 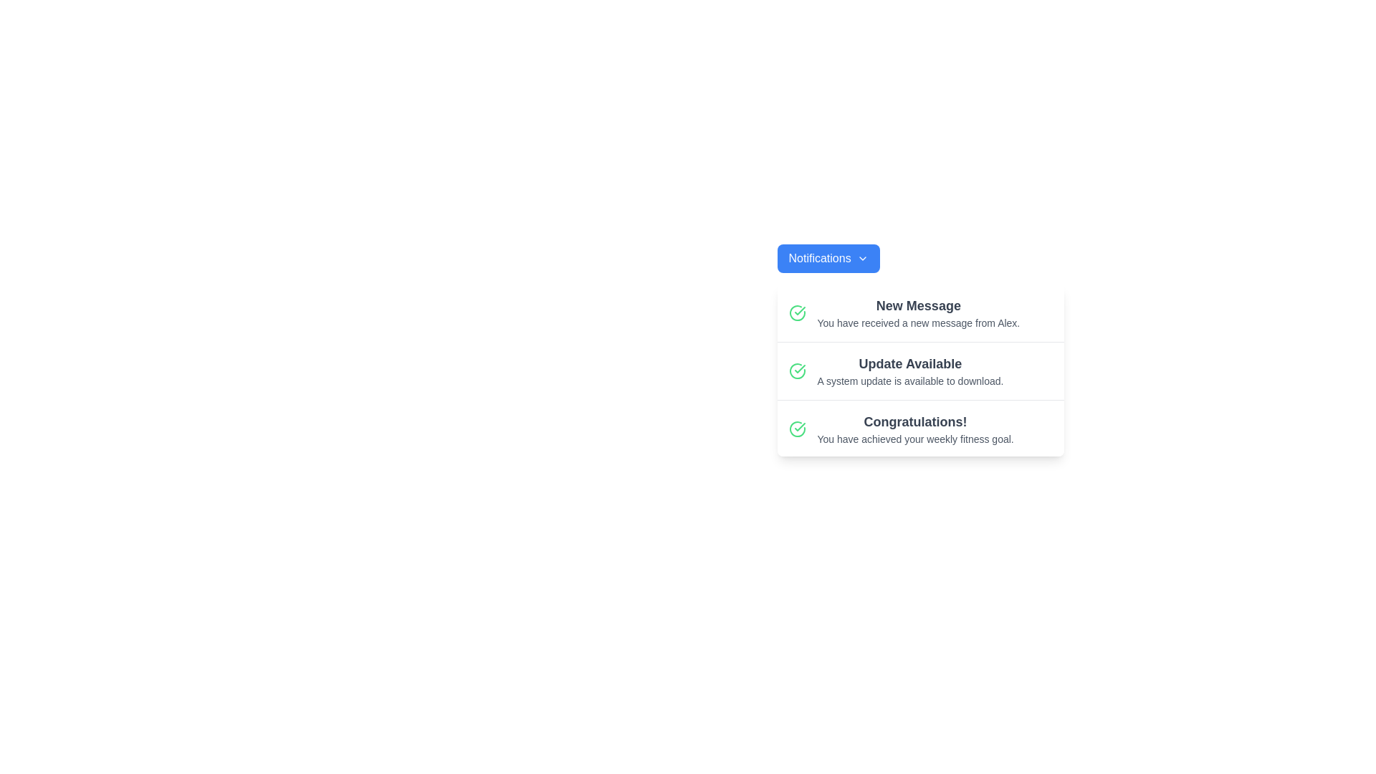 What do you see at coordinates (796, 312) in the screenshot?
I see `the notification icon located in the top-left corner of the 'New Message' notification card under the 'Notifications' dropdown menu` at bounding box center [796, 312].